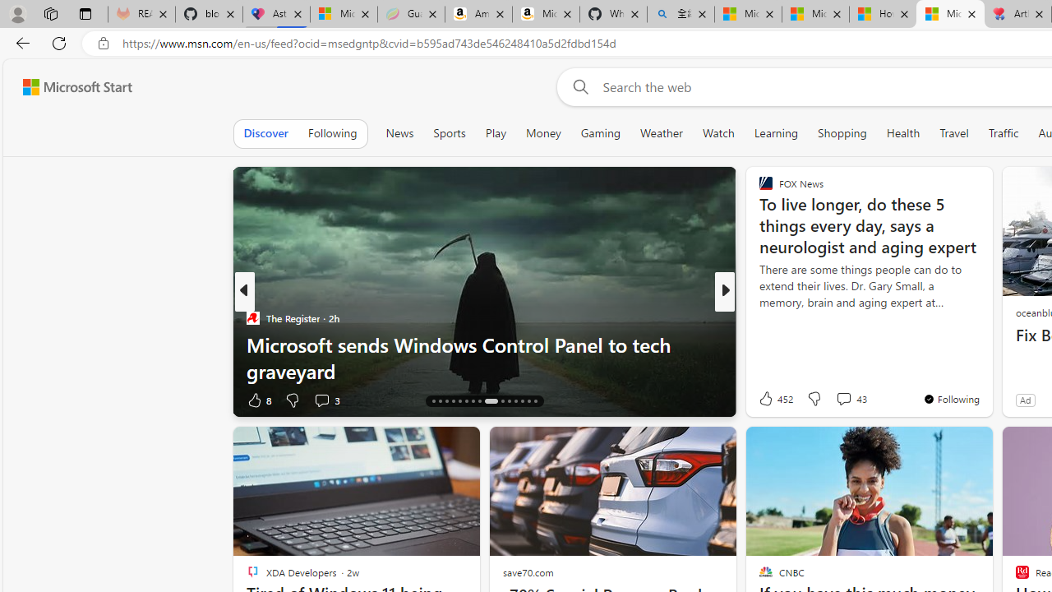 Image resolution: width=1052 pixels, height=592 pixels. Describe the element at coordinates (534, 401) in the screenshot. I see `'AutomationID: tab-30'` at that location.